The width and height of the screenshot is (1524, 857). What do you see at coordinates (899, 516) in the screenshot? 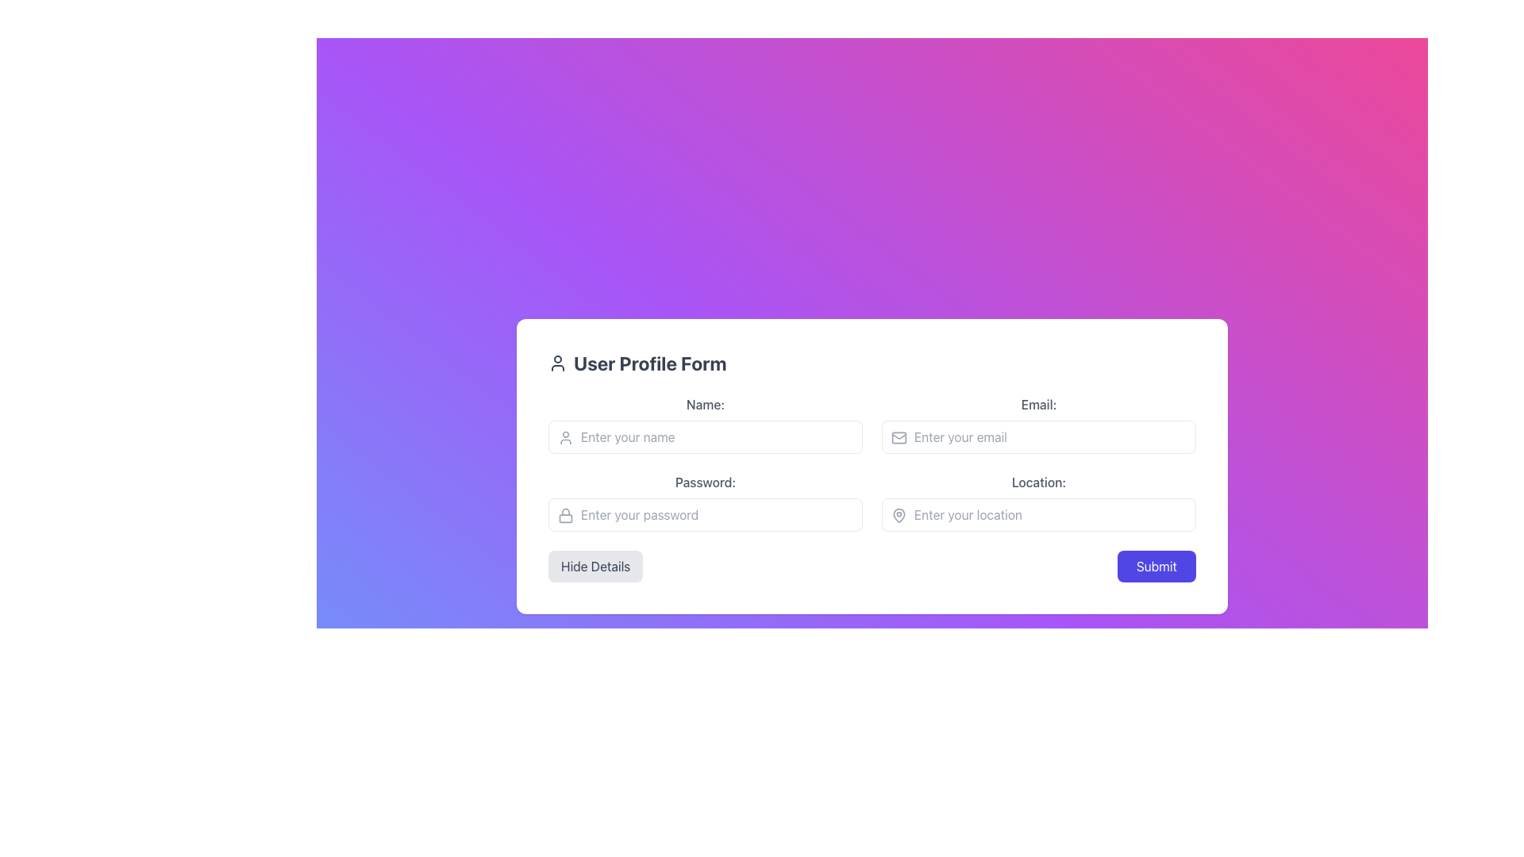
I see `the map pin icon located within the 'Location' input box, which has gray outlines and no fill` at bounding box center [899, 516].